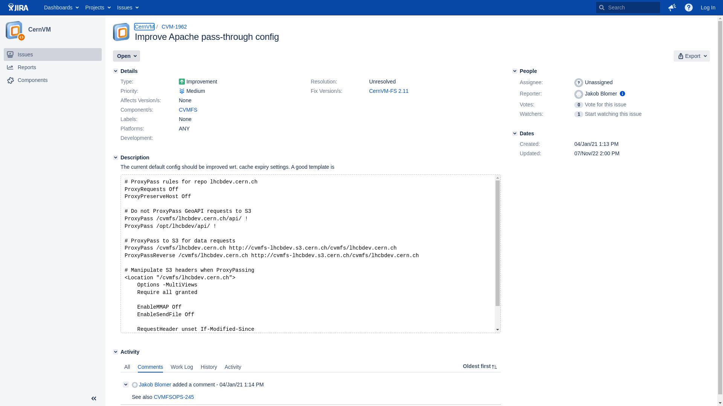 This screenshot has height=406, width=723. Describe the element at coordinates (127, 56) in the screenshot. I see `'Open'` at that location.